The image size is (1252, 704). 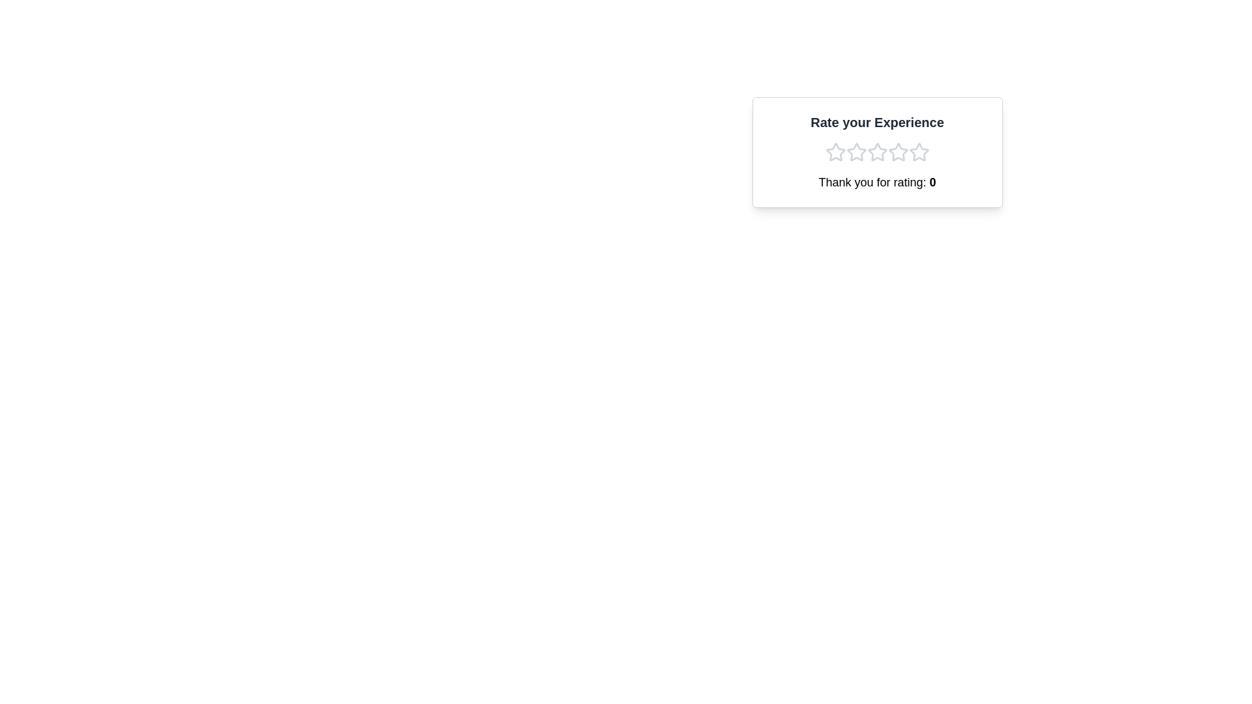 I want to click on the confirmation and feedback Text label that displays the selected rating, located directly below the group of five star icons, so click(x=877, y=183).